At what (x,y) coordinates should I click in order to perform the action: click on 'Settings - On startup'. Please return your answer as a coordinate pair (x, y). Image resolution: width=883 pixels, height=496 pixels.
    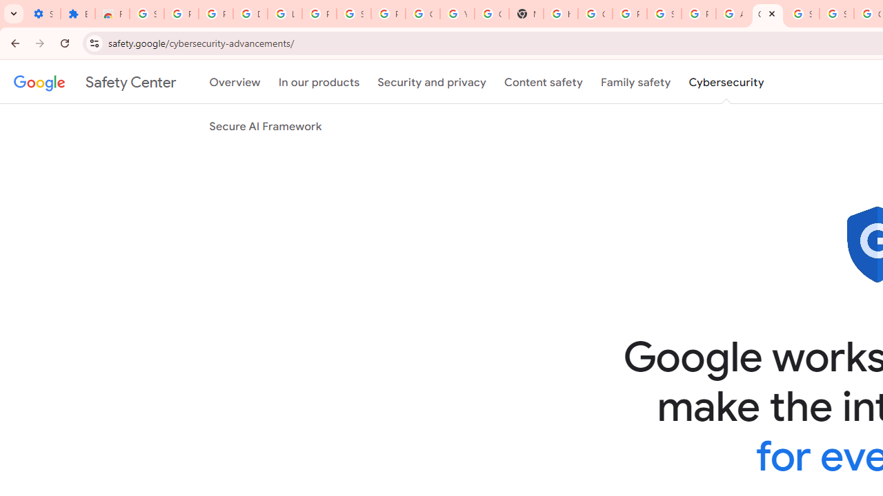
    Looking at the image, I should click on (43, 14).